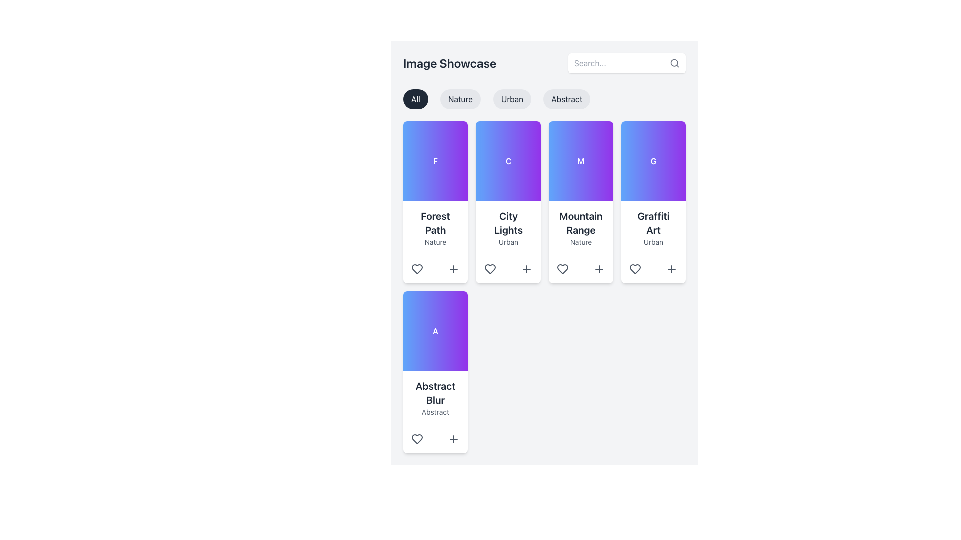 This screenshot has width=961, height=540. I want to click on the Text Label located directly below 'City Lights' in the second card from the left in the top row of the display grid, so click(508, 242).